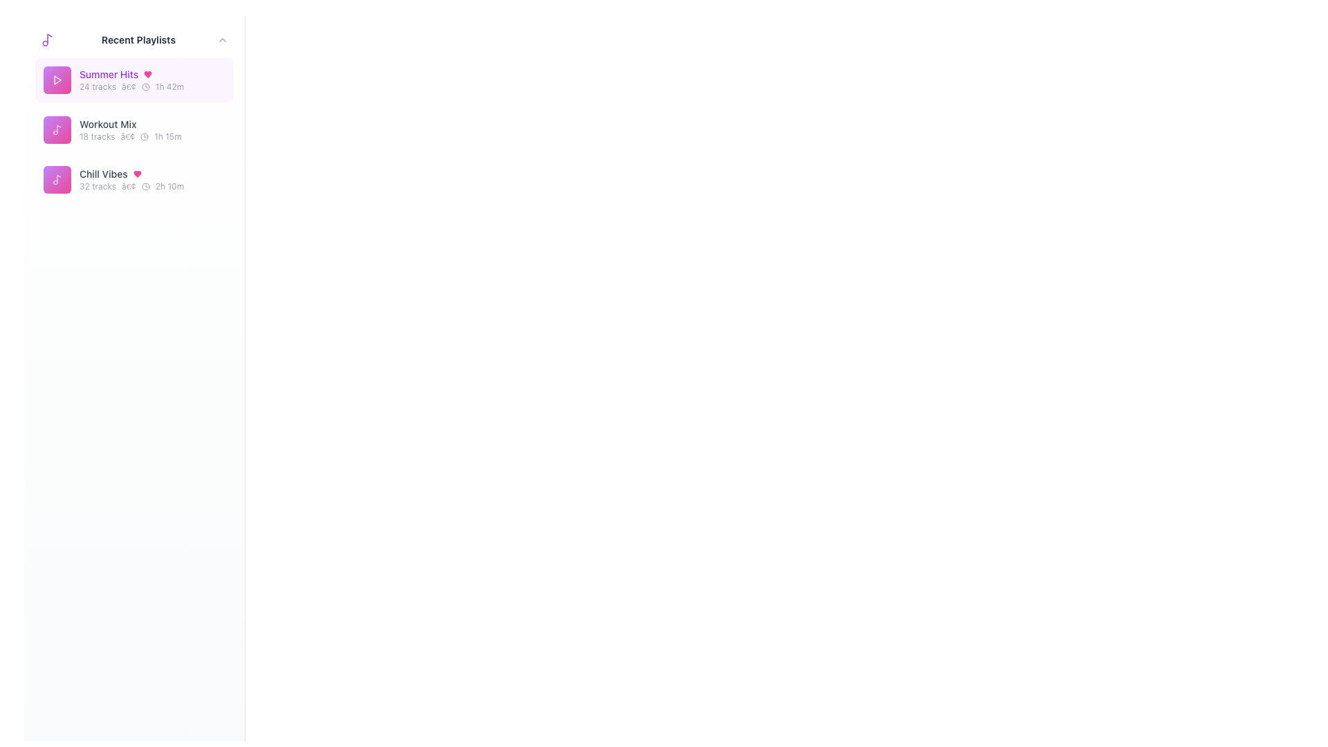  Describe the element at coordinates (96, 136) in the screenshot. I see `the static text label displaying '18 tracks', which is positioned next to a dot separator and a clock icon in the playlist metadata section` at that location.